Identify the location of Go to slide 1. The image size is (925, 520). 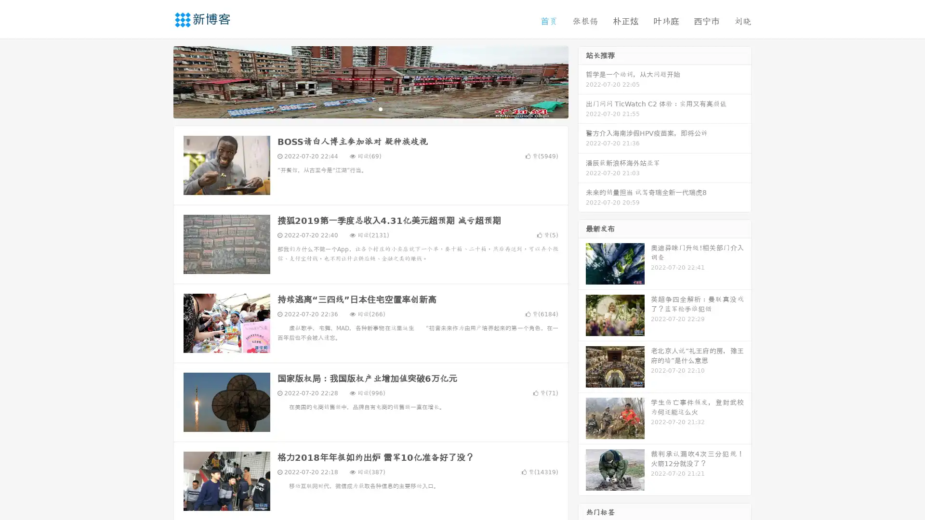
(360, 108).